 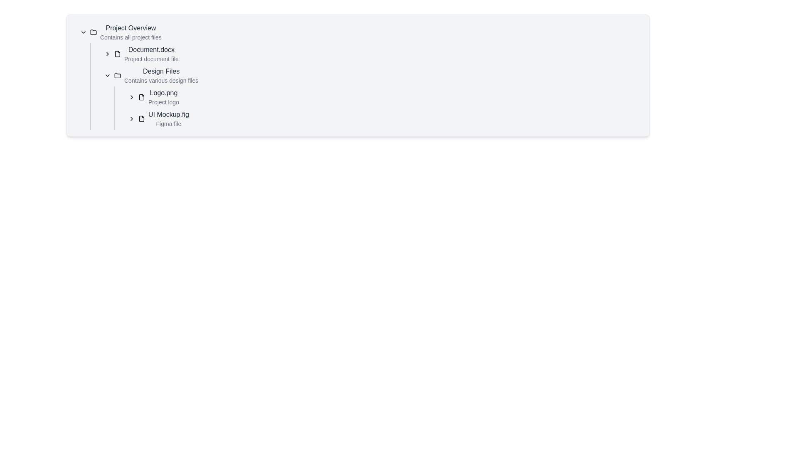 I want to click on the list item representing the project logo file, labeled 'Logo.png' with the descriptive text 'Project logo', which is the second entry in the 'Design Files' section, so click(x=163, y=97).